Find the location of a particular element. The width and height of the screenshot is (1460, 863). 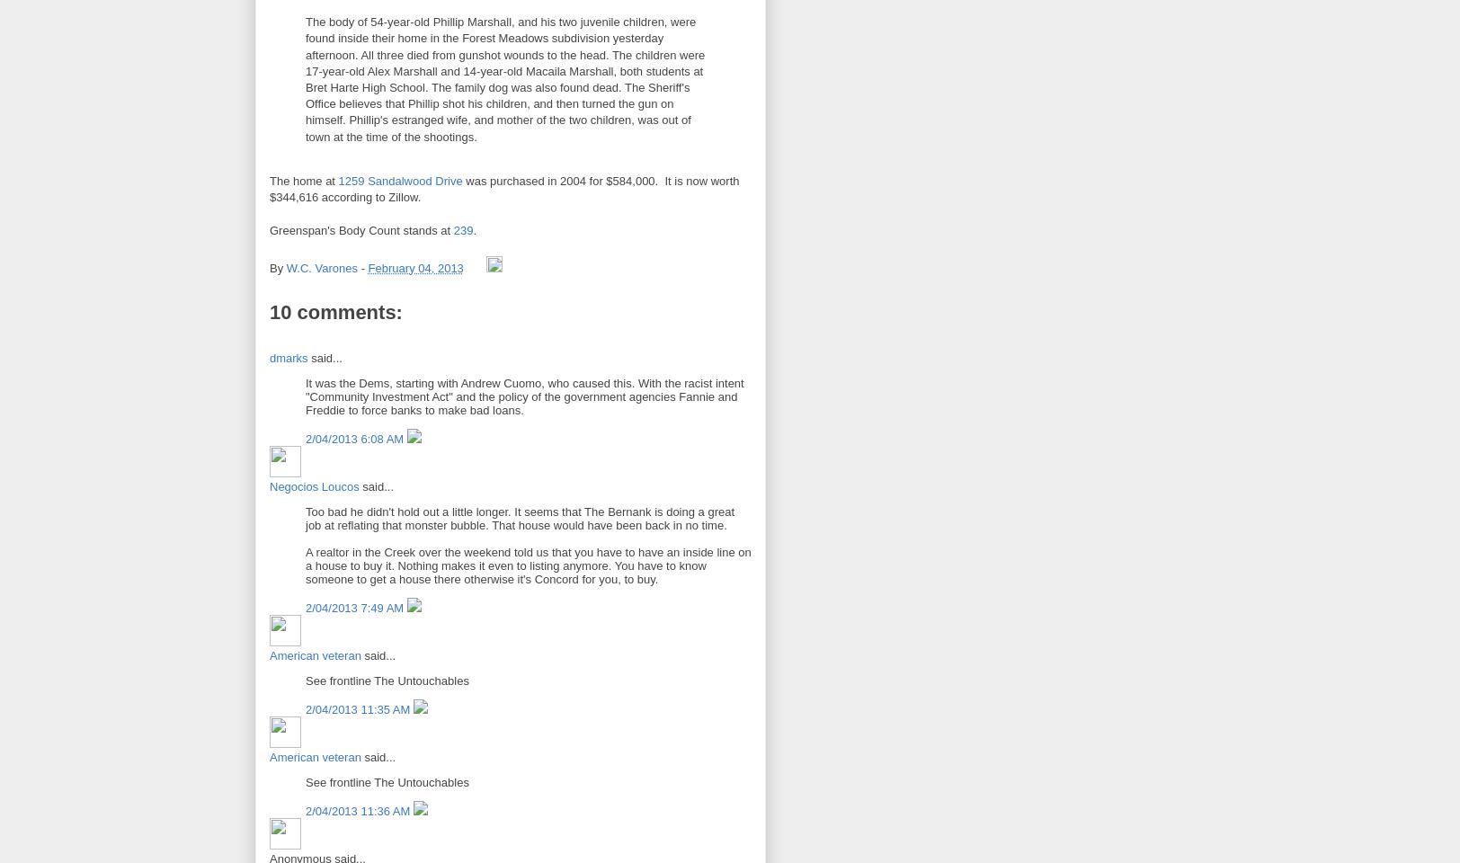

'The home at' is located at coordinates (269, 180).